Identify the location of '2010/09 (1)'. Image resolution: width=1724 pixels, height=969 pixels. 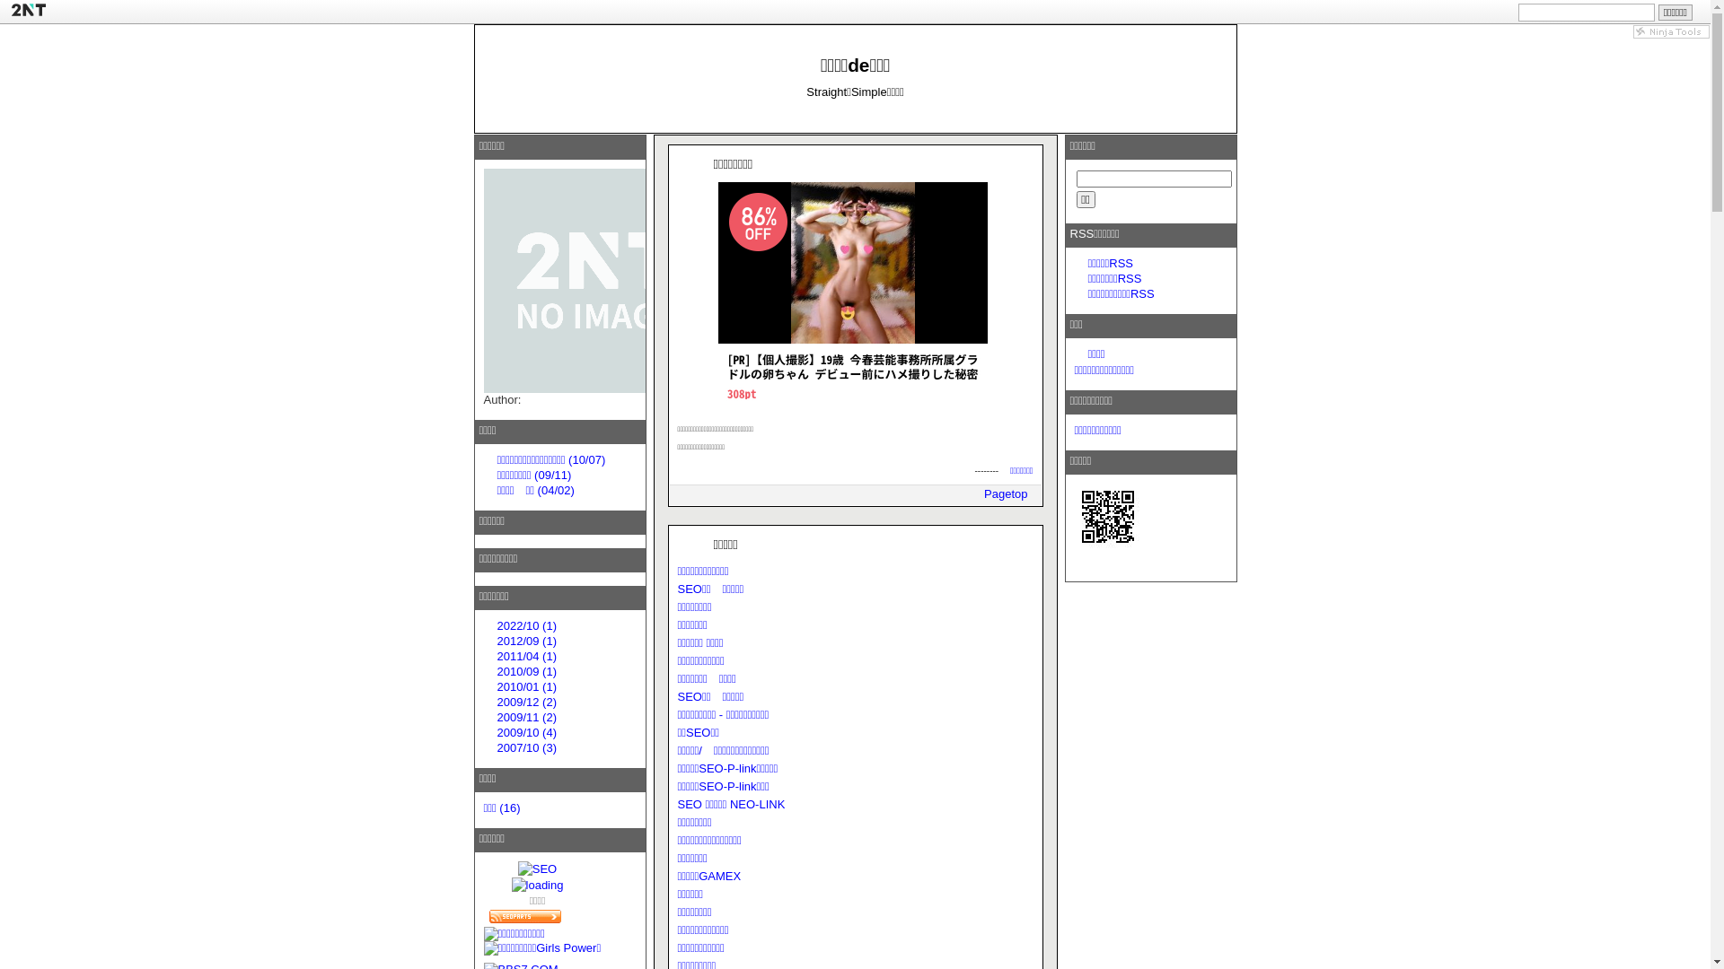
(526, 671).